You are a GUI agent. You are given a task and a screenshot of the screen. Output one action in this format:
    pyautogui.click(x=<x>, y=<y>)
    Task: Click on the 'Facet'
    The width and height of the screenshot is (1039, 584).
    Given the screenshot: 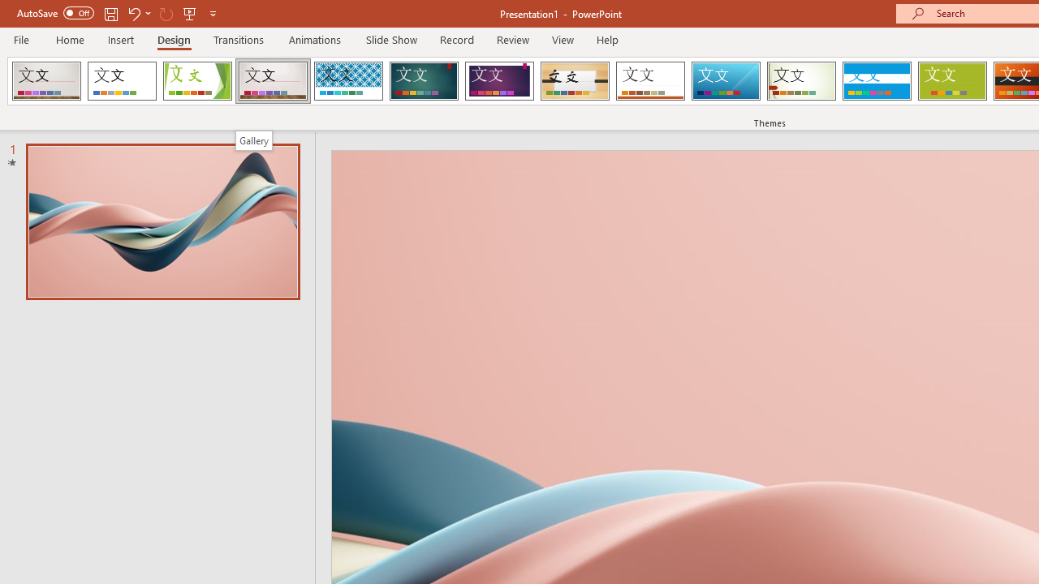 What is the action you would take?
    pyautogui.click(x=196, y=81)
    